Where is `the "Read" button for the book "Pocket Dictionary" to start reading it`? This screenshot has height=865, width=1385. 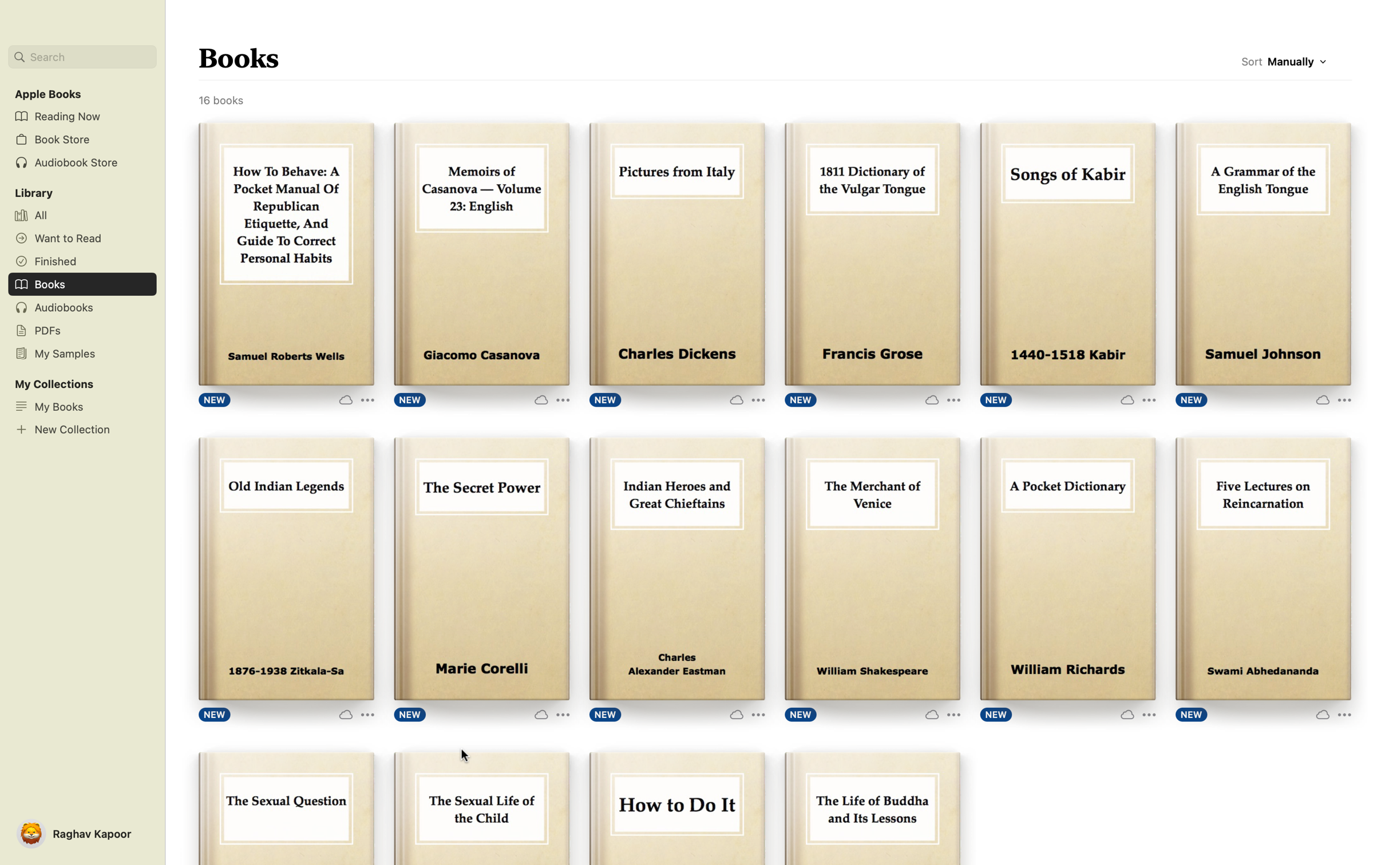
the "Read" button for the book "Pocket Dictionary" to start reading it is located at coordinates (1067, 567).